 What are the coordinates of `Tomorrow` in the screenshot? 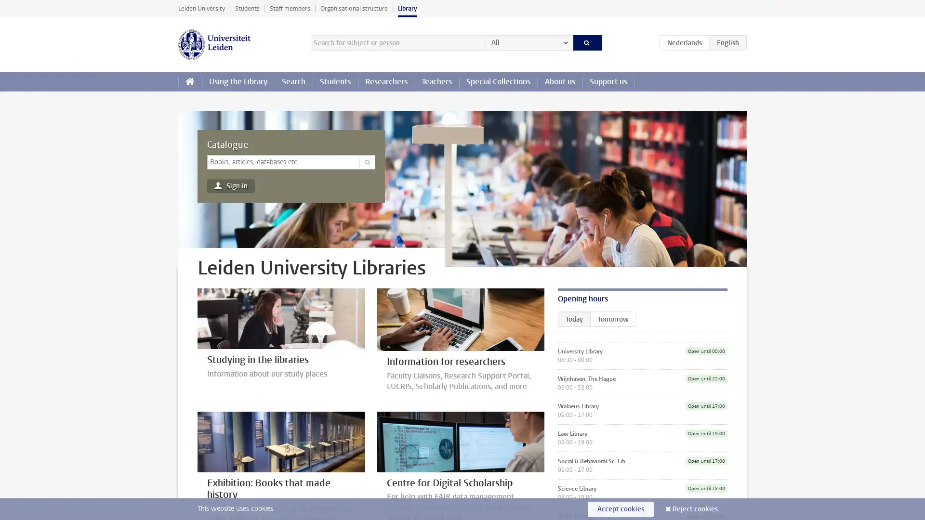 It's located at (612, 319).